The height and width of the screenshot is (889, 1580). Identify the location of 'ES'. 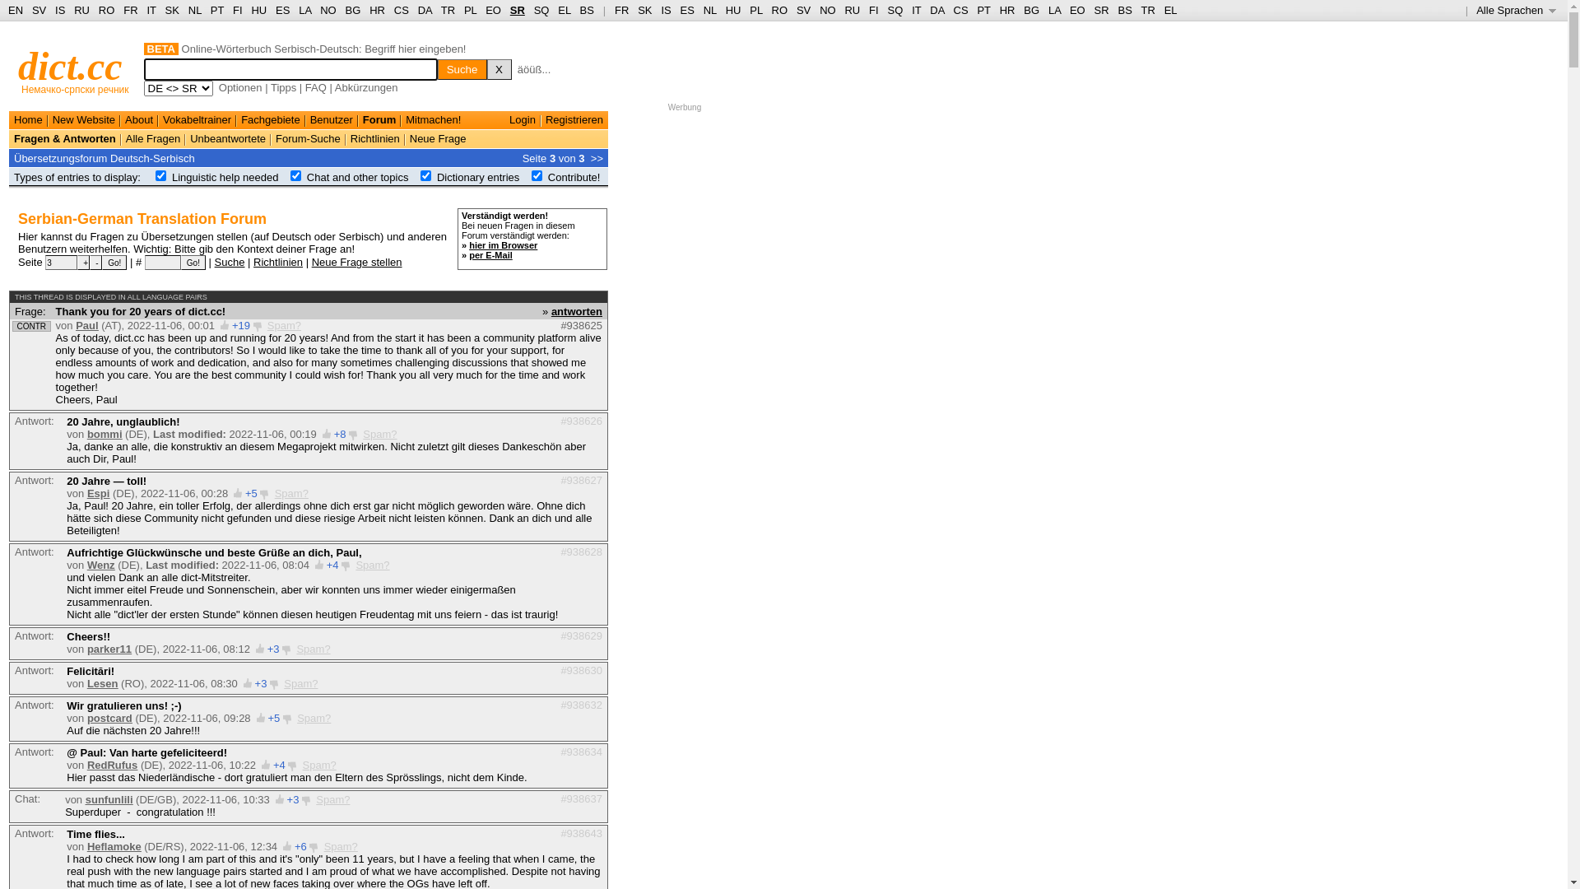
(282, 10).